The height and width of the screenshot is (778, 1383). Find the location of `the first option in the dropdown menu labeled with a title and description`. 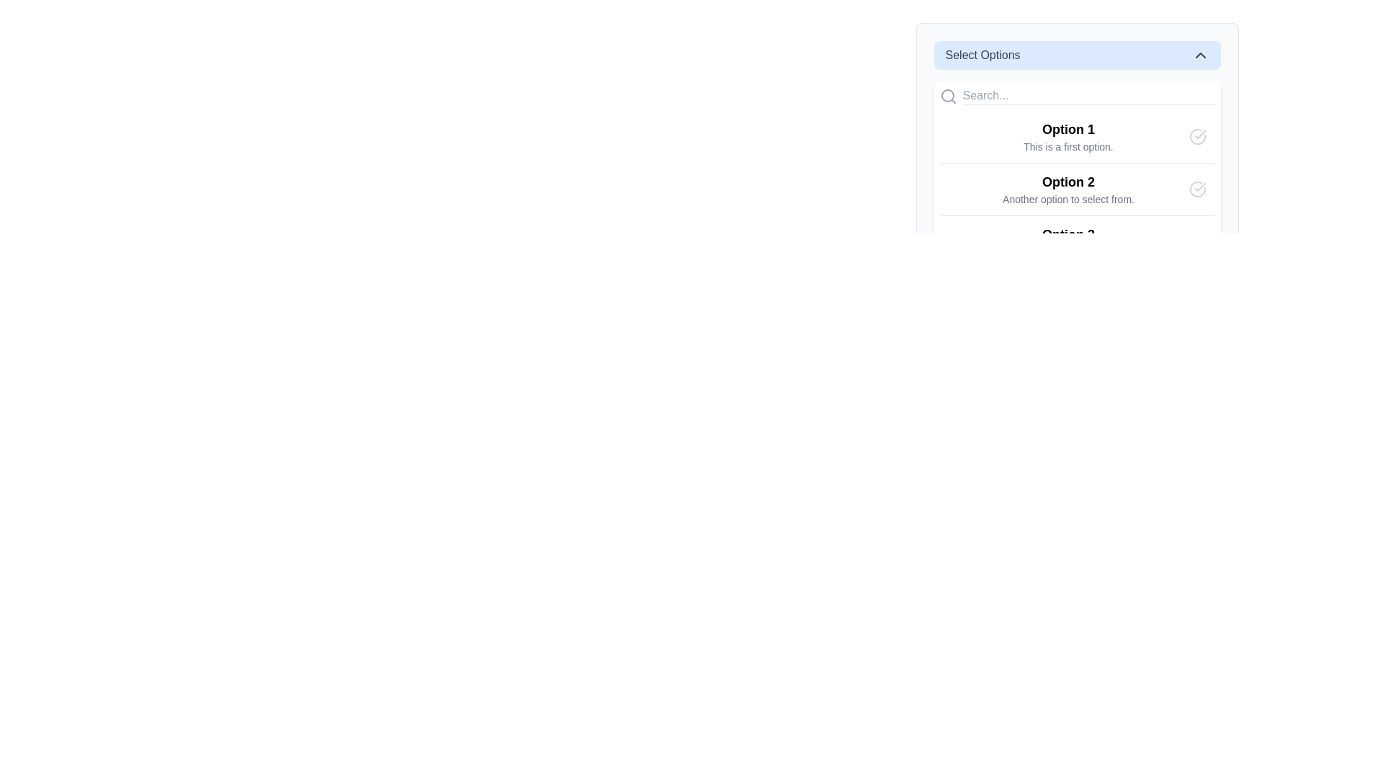

the first option in the dropdown menu labeled with a title and description is located at coordinates (1068, 136).